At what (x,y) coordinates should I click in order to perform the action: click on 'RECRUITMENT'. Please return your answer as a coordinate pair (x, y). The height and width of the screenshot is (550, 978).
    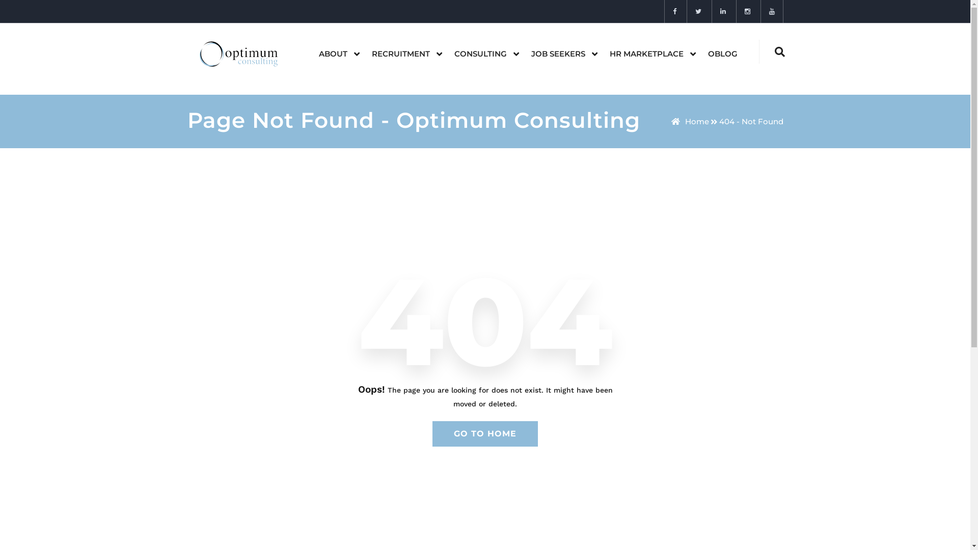
    Looking at the image, I should click on (359, 53).